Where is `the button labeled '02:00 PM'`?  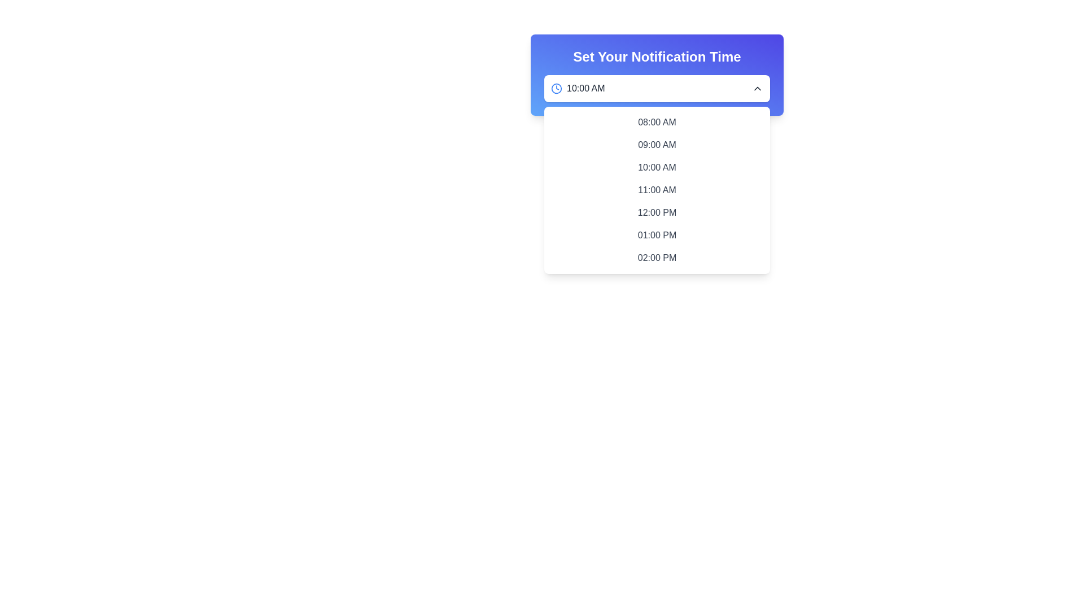
the button labeled '02:00 PM' is located at coordinates (657, 258).